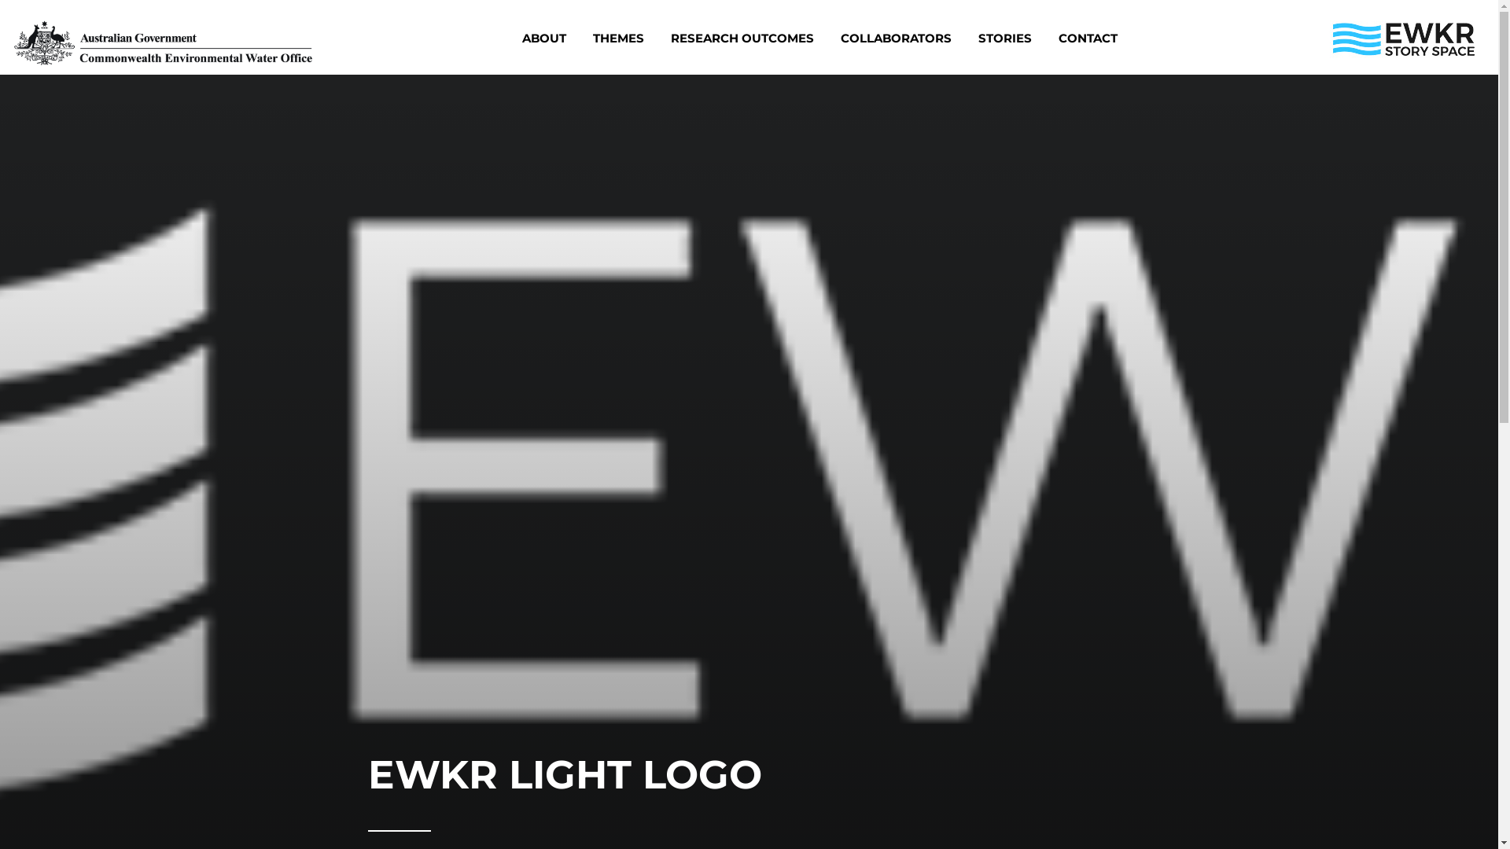 This screenshot has width=1510, height=849. What do you see at coordinates (742, 37) in the screenshot?
I see `'RESEARCH OUTCOMES'` at bounding box center [742, 37].